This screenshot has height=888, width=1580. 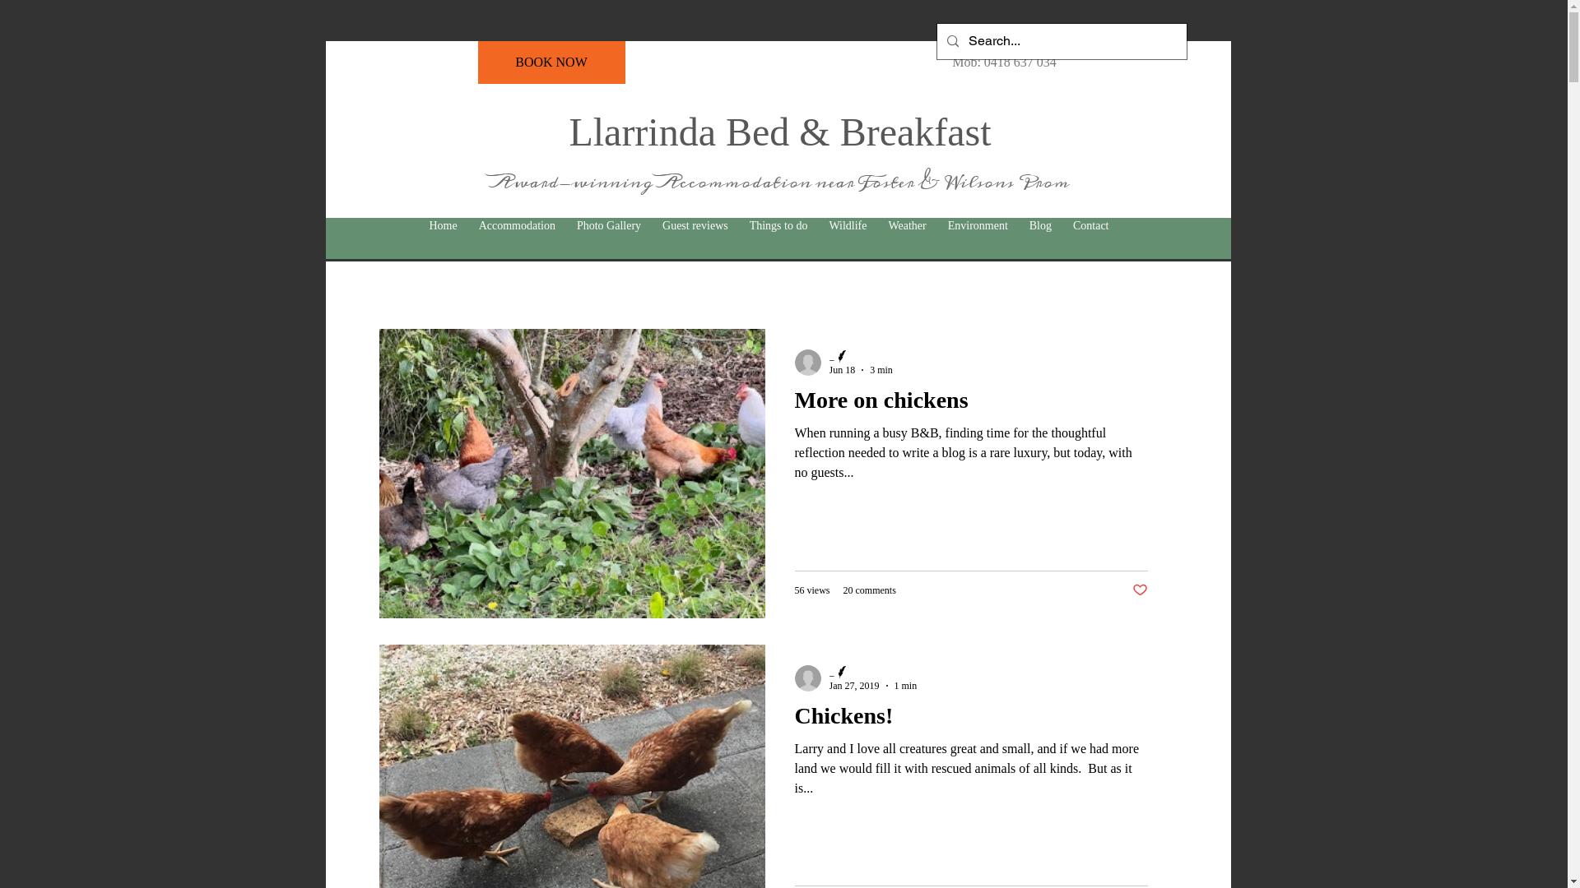 What do you see at coordinates (778, 225) in the screenshot?
I see `'Things to do'` at bounding box center [778, 225].